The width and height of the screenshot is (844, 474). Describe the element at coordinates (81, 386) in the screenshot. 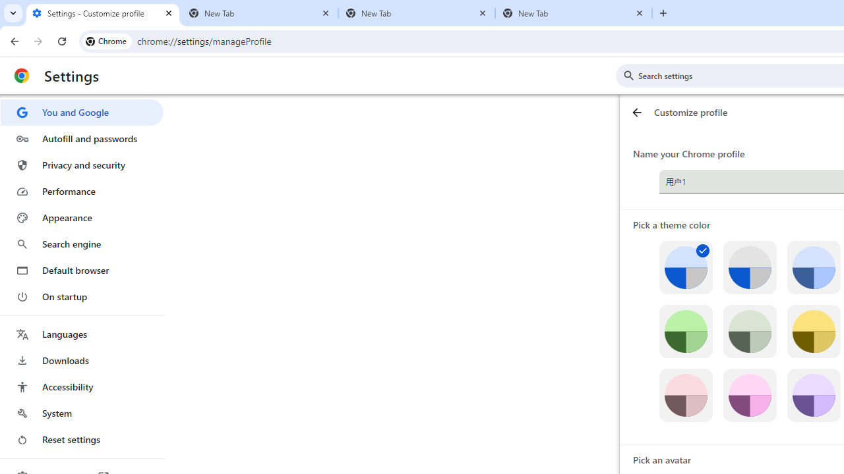

I see `'Accessibility'` at that location.